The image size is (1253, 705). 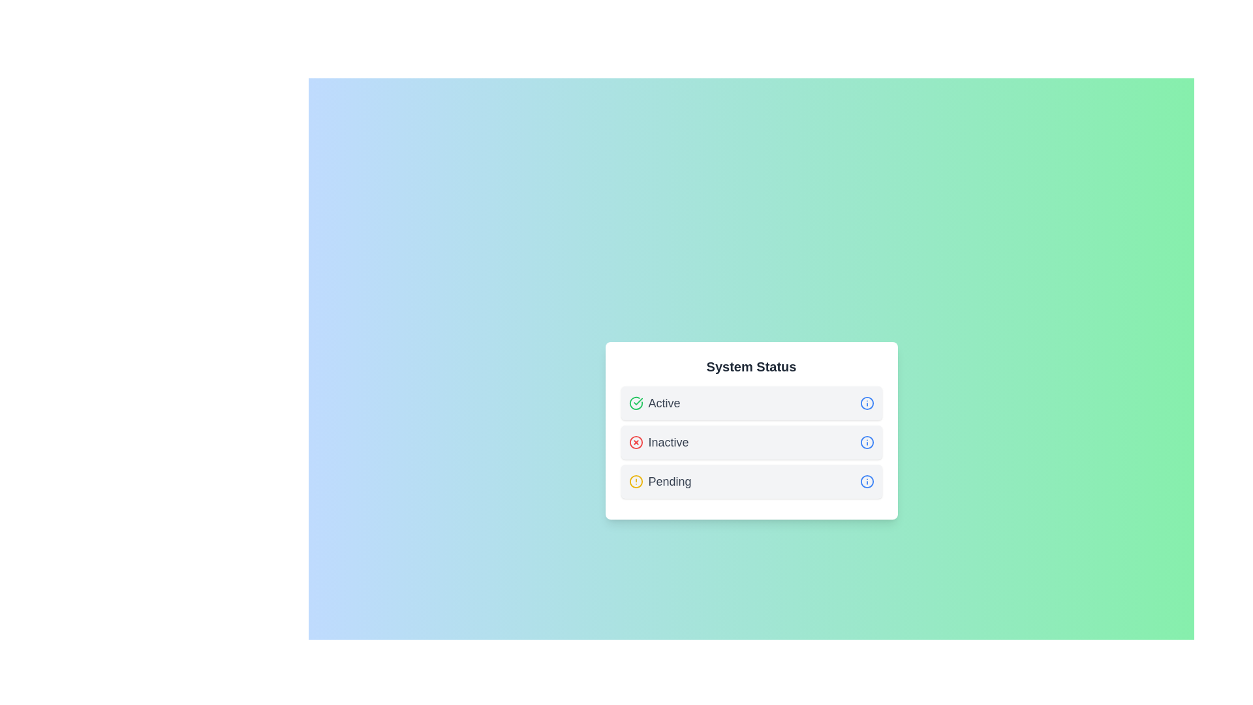 I want to click on the 'Active' text label adjacent to the green circular checkmark icon to associate the text with the icon, so click(x=655, y=402).